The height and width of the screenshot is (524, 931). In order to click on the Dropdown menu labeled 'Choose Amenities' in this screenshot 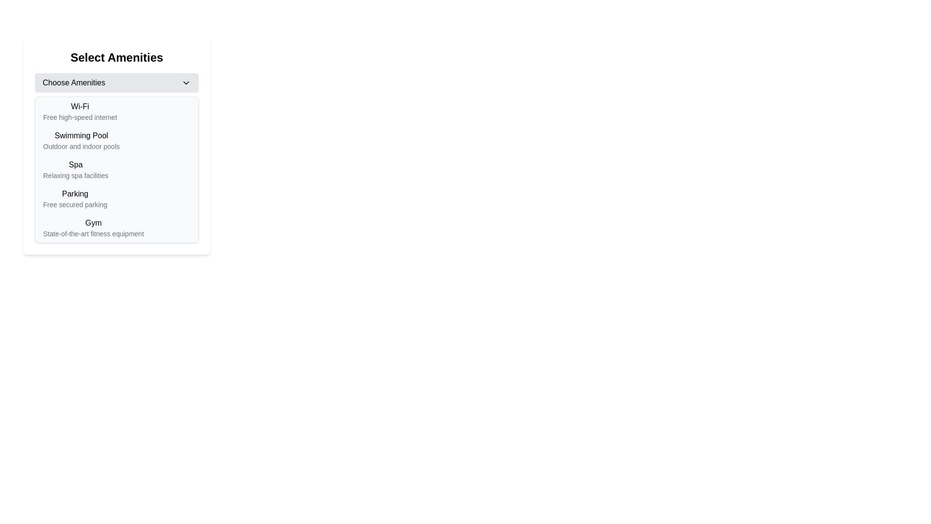, I will do `click(116, 82)`.